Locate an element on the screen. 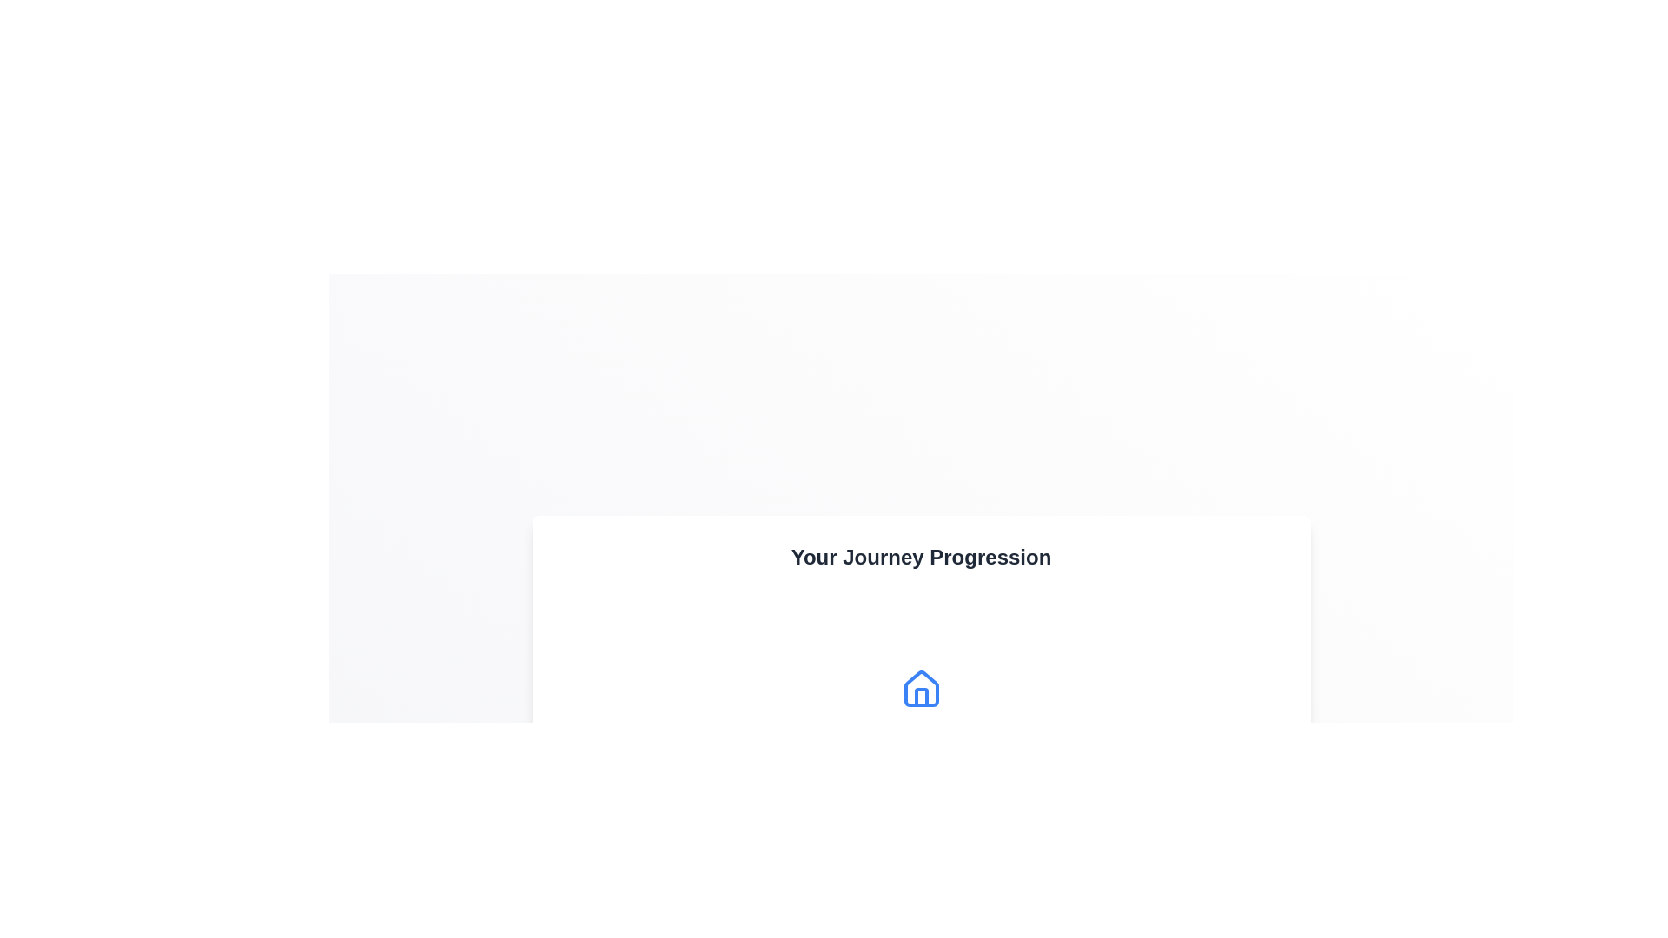 The width and height of the screenshot is (1668, 938). the heading text labeled 'Your Journey Progression' for accessibility purposes is located at coordinates (920, 557).